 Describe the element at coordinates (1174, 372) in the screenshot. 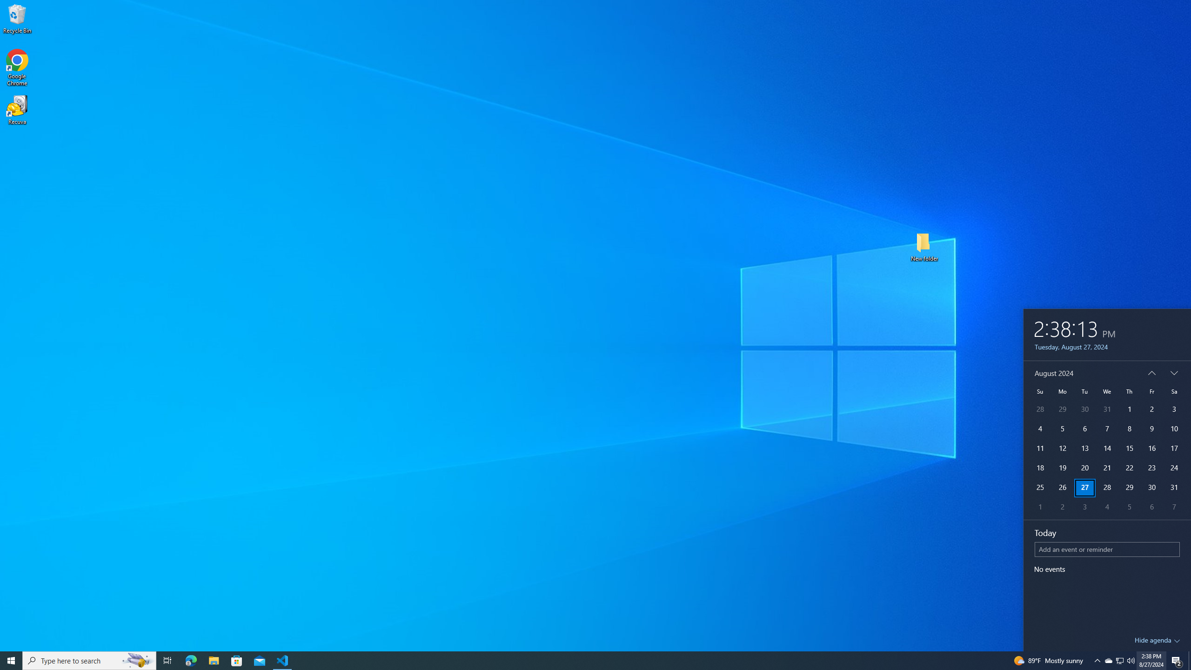

I see `'Next'` at that location.